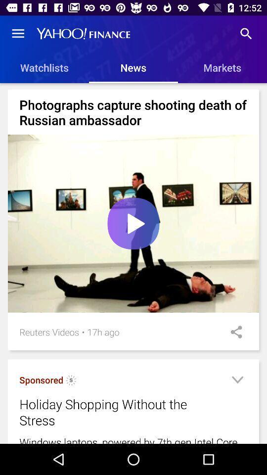 This screenshot has height=475, width=267. I want to click on sponsored icon, so click(41, 380).